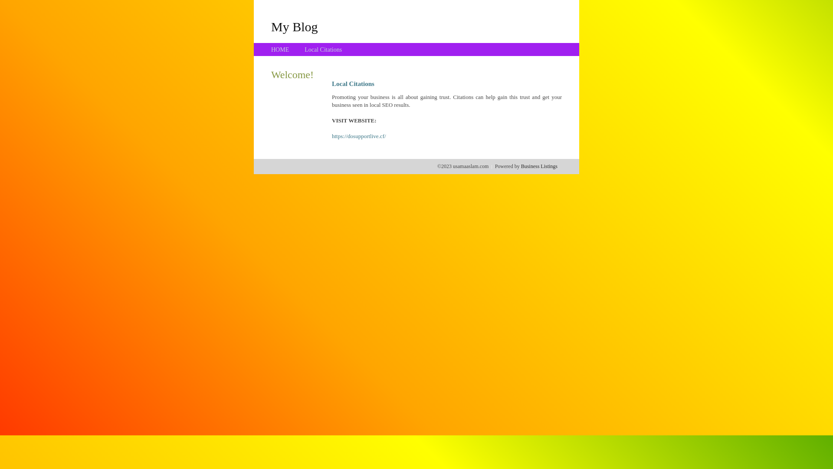 Image resolution: width=833 pixels, height=469 pixels. What do you see at coordinates (270, 26) in the screenshot?
I see `'My Blog'` at bounding box center [270, 26].